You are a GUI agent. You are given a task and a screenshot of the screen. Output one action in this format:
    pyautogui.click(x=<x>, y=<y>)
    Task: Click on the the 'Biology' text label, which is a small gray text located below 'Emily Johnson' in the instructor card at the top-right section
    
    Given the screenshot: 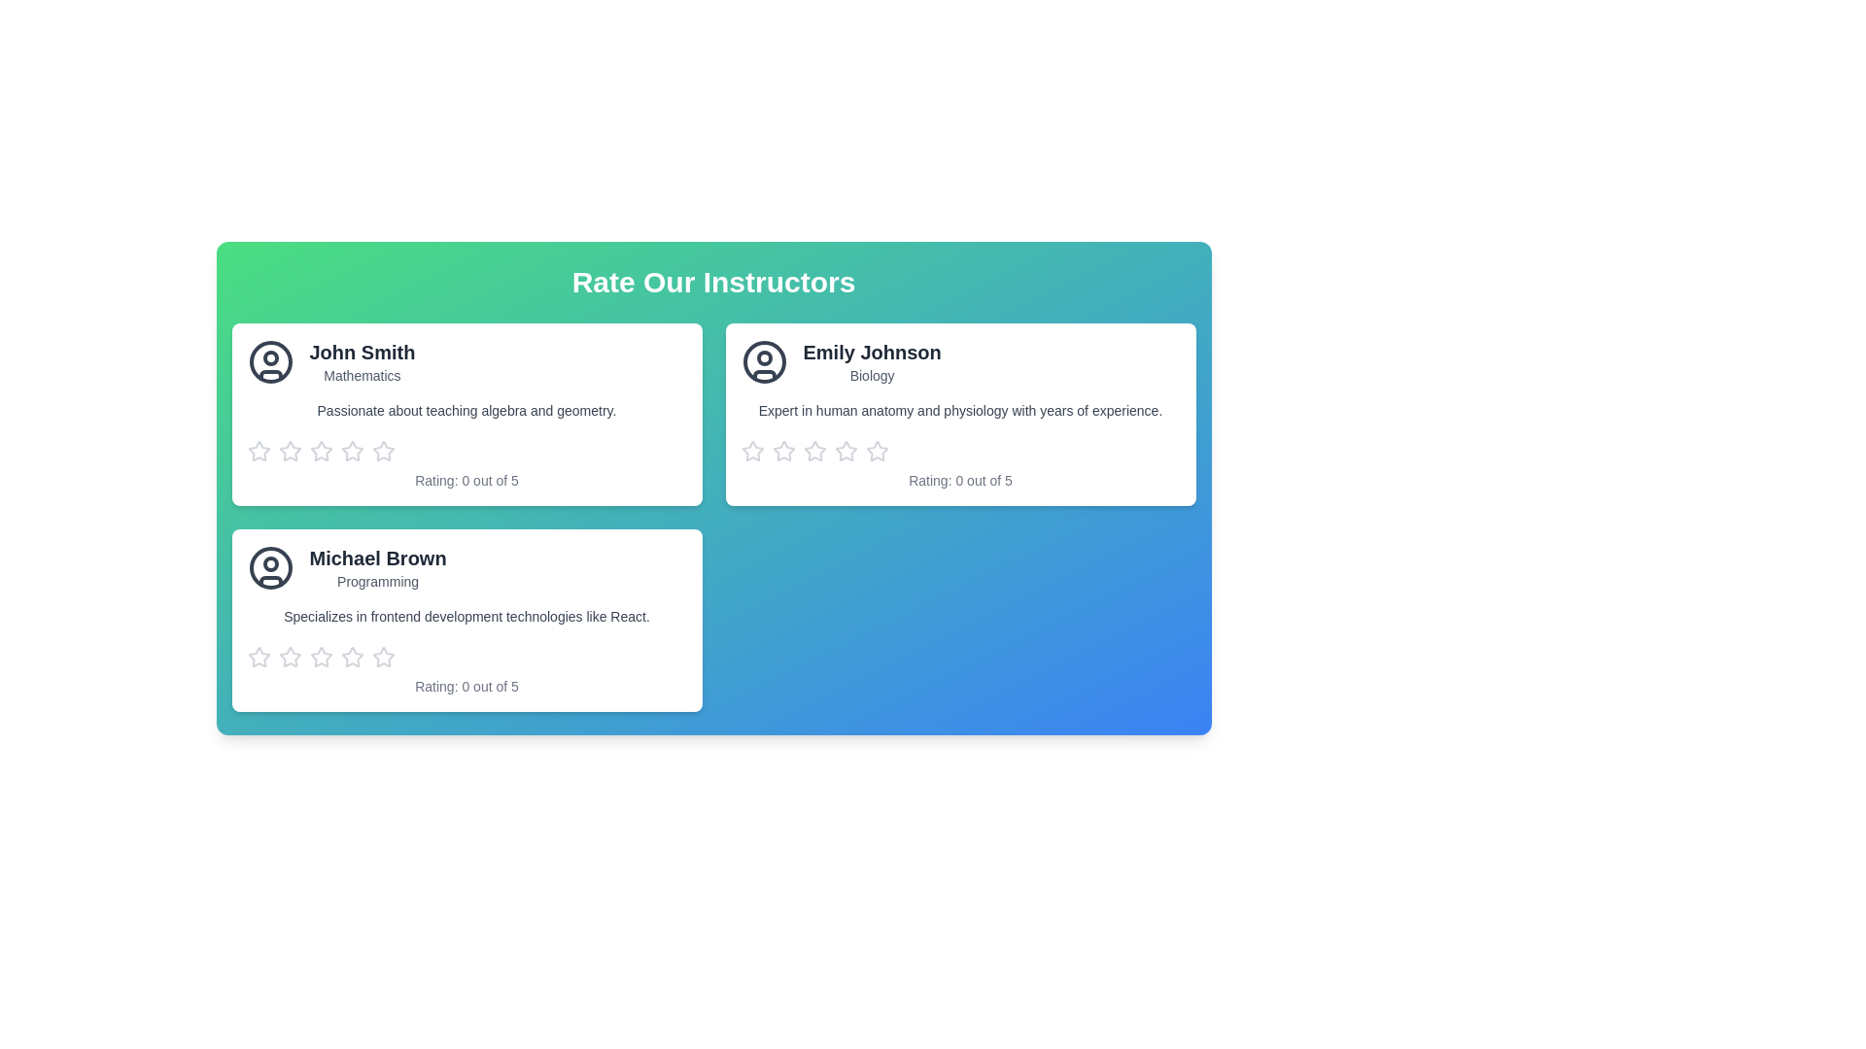 What is the action you would take?
    pyautogui.click(x=871, y=375)
    